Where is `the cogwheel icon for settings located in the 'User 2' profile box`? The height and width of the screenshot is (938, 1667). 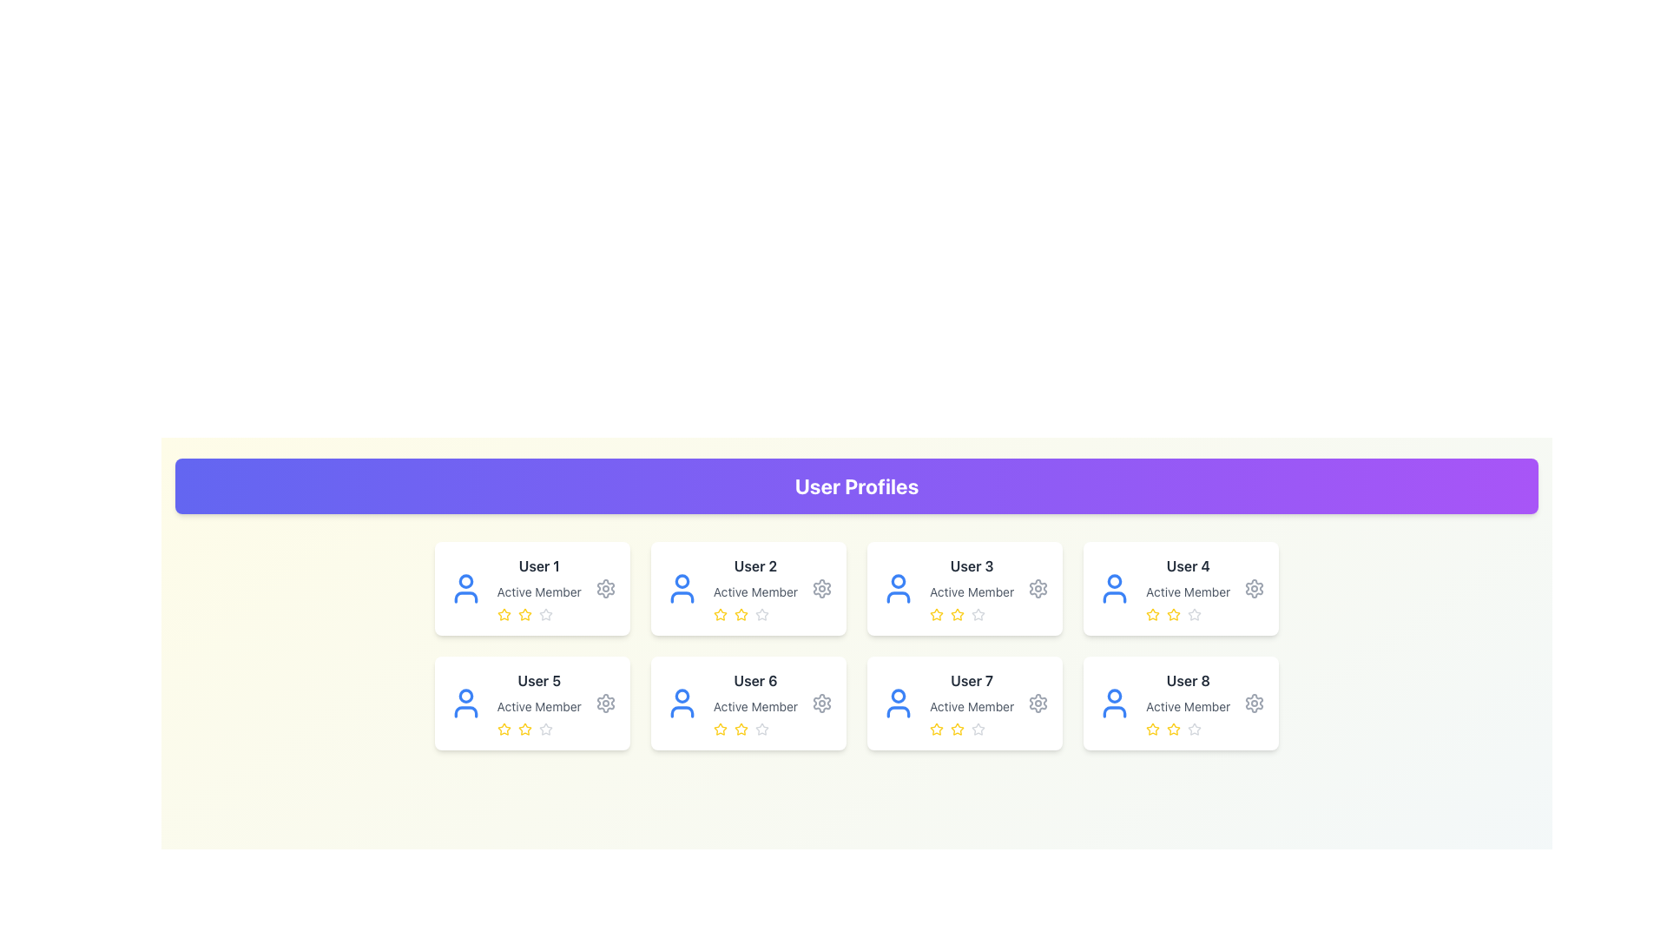
the cogwheel icon for settings located in the 'User 2' profile box is located at coordinates (820, 588).